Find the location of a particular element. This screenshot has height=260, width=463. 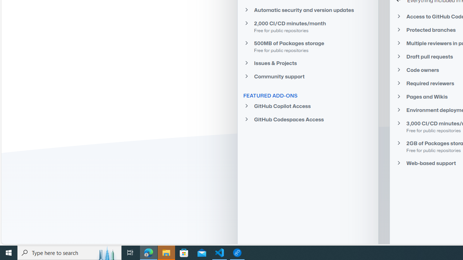

'GitHub Copilot Access' is located at coordinates (308, 106).